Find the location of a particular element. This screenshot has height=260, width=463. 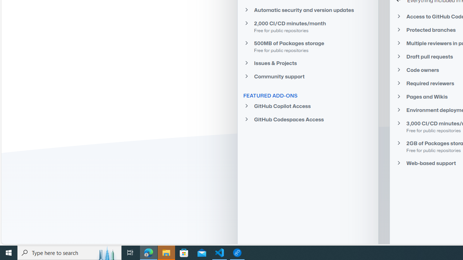

'GitHub Copilot Access' is located at coordinates (308, 106).